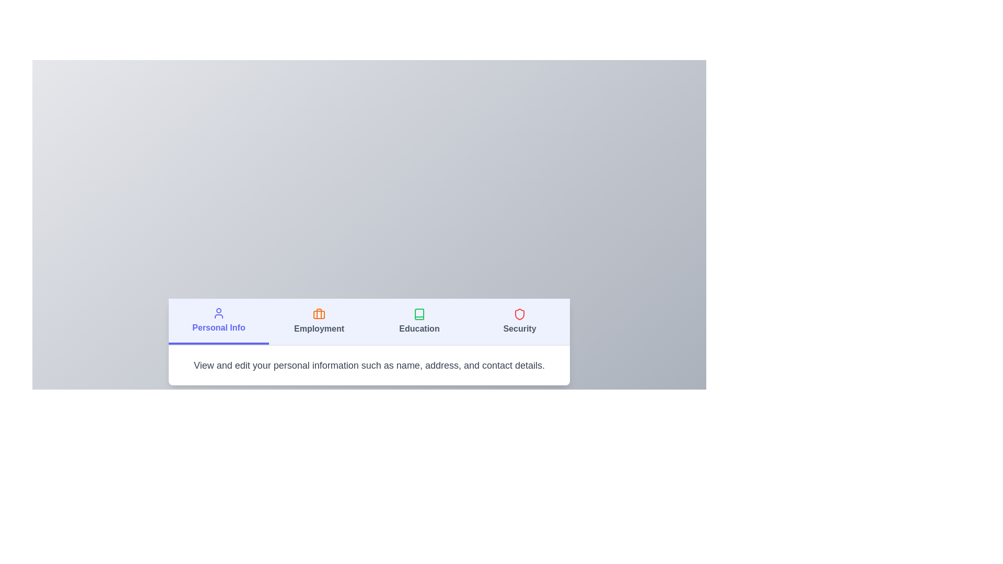 The width and height of the screenshot is (1003, 564). What do you see at coordinates (419, 321) in the screenshot?
I see `the Education tab to view its content` at bounding box center [419, 321].